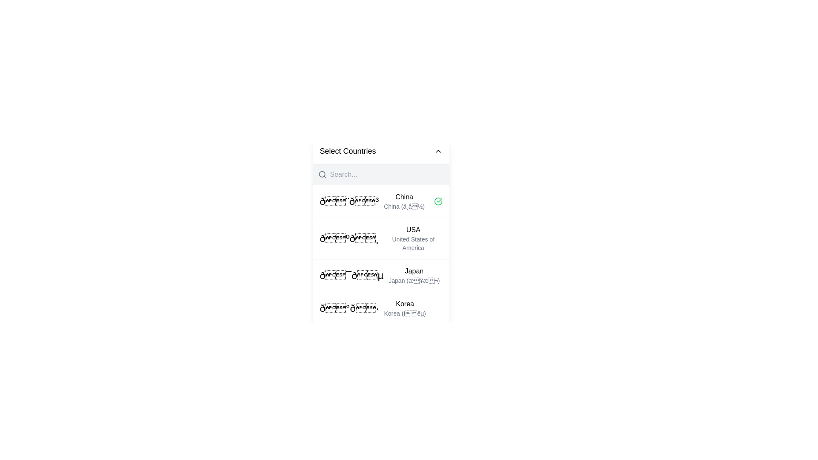  I want to click on the second item in the selection list representing 'USA', so click(380, 254).